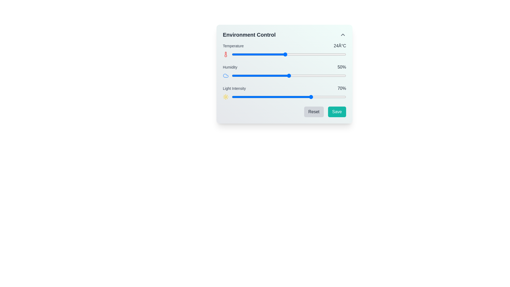 The width and height of the screenshot is (510, 287). Describe the element at coordinates (254, 76) in the screenshot. I see `the humidity` at that location.